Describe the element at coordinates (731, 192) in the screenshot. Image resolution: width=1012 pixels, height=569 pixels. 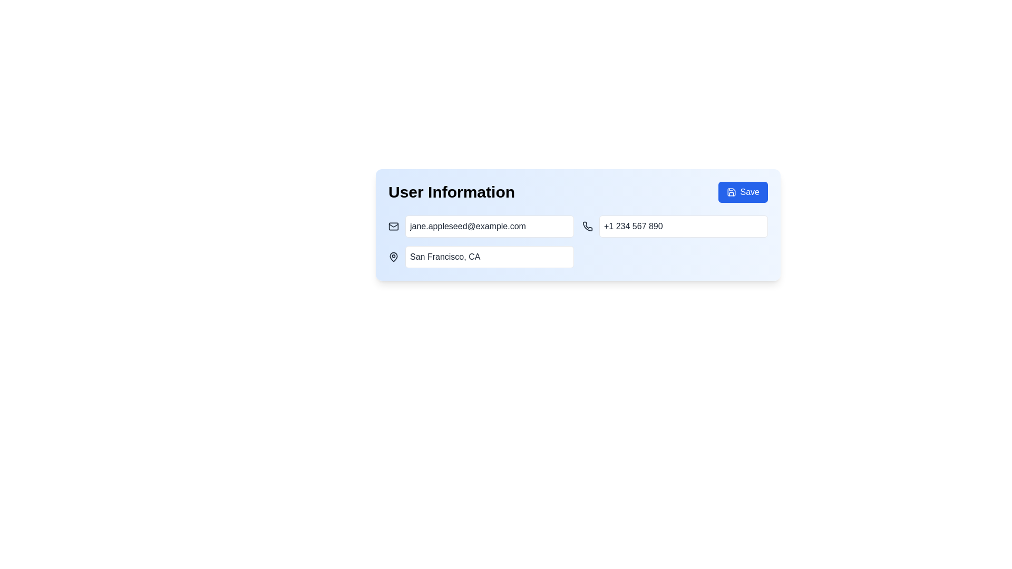
I see `the save icon located near the upper right corner of the save button at the top-right corner of the UI panel` at that location.